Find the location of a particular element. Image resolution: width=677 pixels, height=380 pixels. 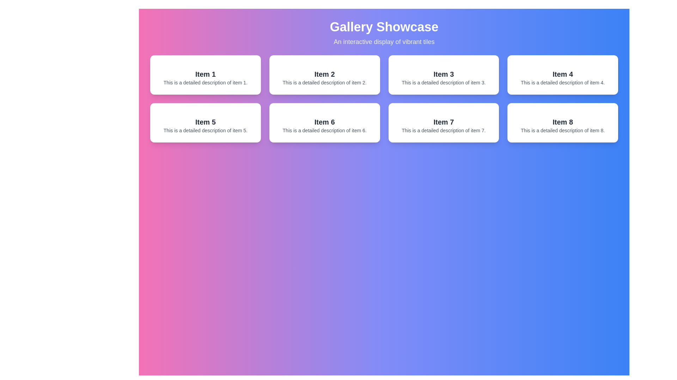

descriptive text label for 'Item 6' located in the second row, third column of the grid layout is located at coordinates (324, 130).